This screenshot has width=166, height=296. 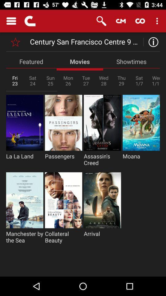 I want to click on current theater as favorite, so click(x=15, y=42).